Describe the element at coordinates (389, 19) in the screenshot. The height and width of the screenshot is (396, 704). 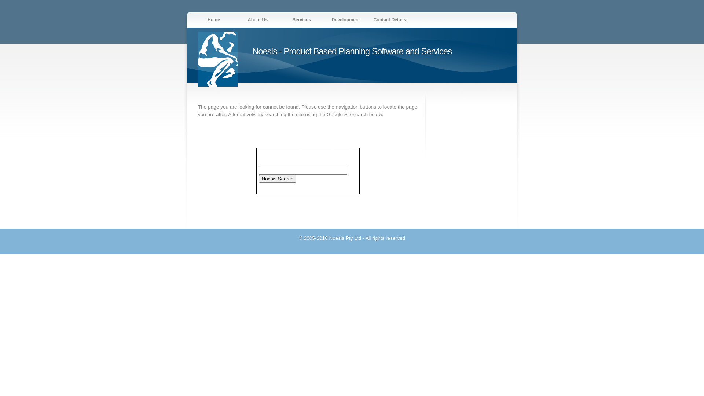
I see `'Contact Details'` at that location.